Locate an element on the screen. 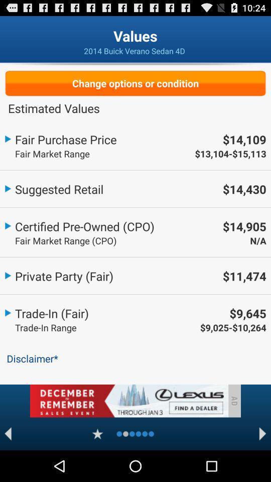 The width and height of the screenshot is (271, 482). the arrow left to suggested retail is located at coordinates (7, 187).